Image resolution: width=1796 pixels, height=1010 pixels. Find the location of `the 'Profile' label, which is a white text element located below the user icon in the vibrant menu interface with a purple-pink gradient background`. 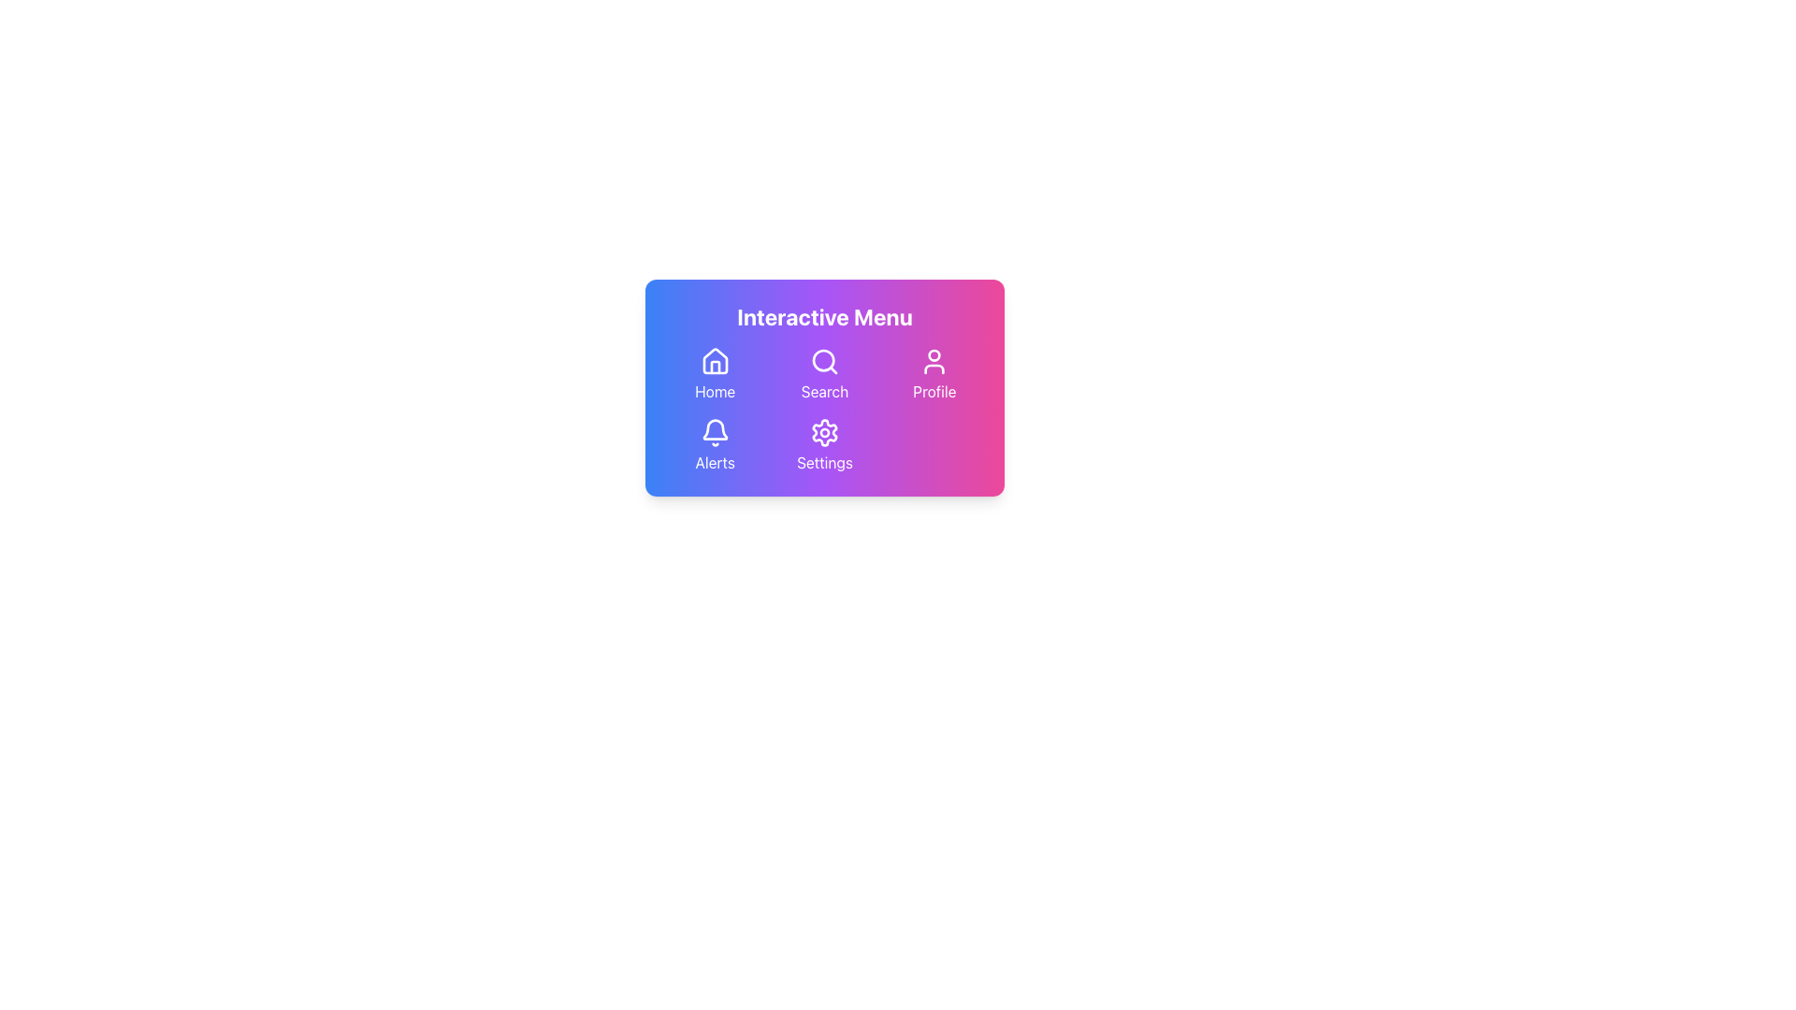

the 'Profile' label, which is a white text element located below the user icon in the vibrant menu interface with a purple-pink gradient background is located at coordinates (934, 391).